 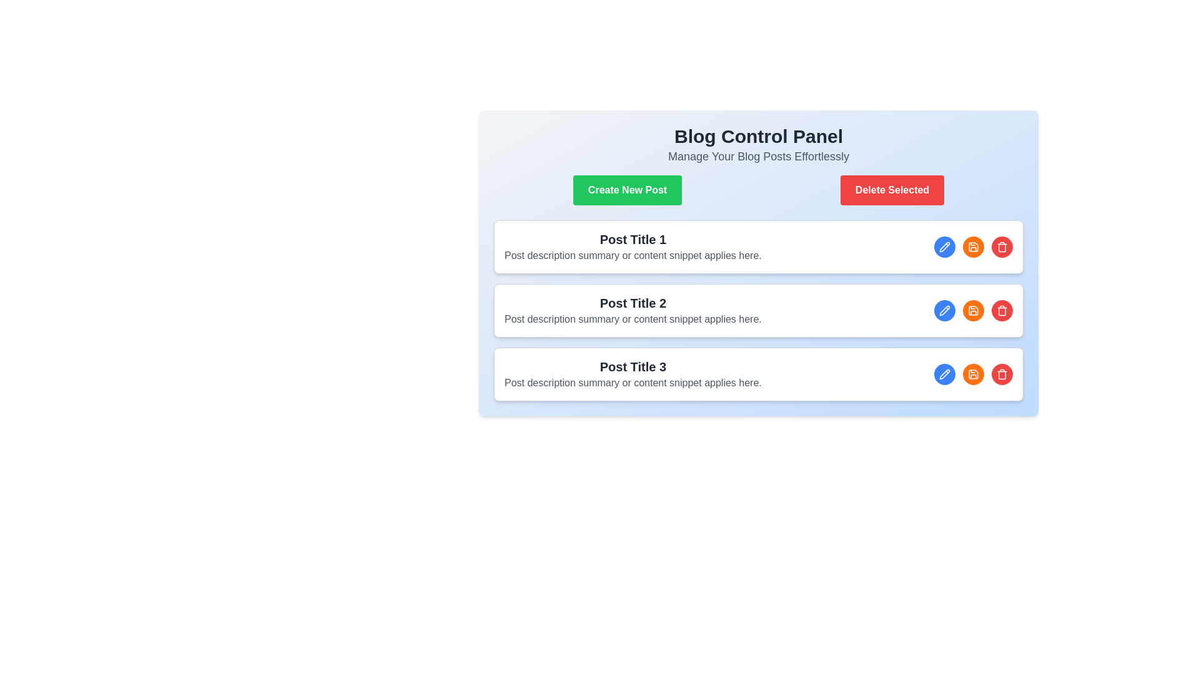 I want to click on the blue circular button with a white pencil icon, so click(x=944, y=374).